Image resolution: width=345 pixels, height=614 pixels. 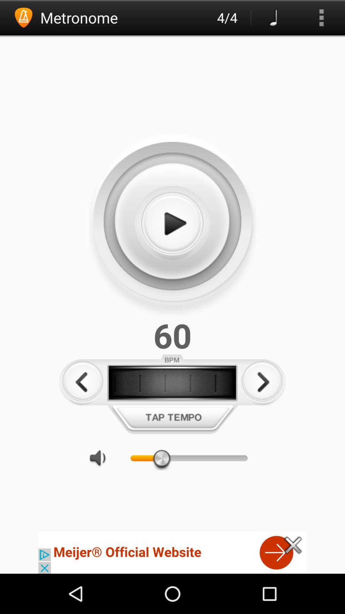 I want to click on next, so click(x=262, y=382).